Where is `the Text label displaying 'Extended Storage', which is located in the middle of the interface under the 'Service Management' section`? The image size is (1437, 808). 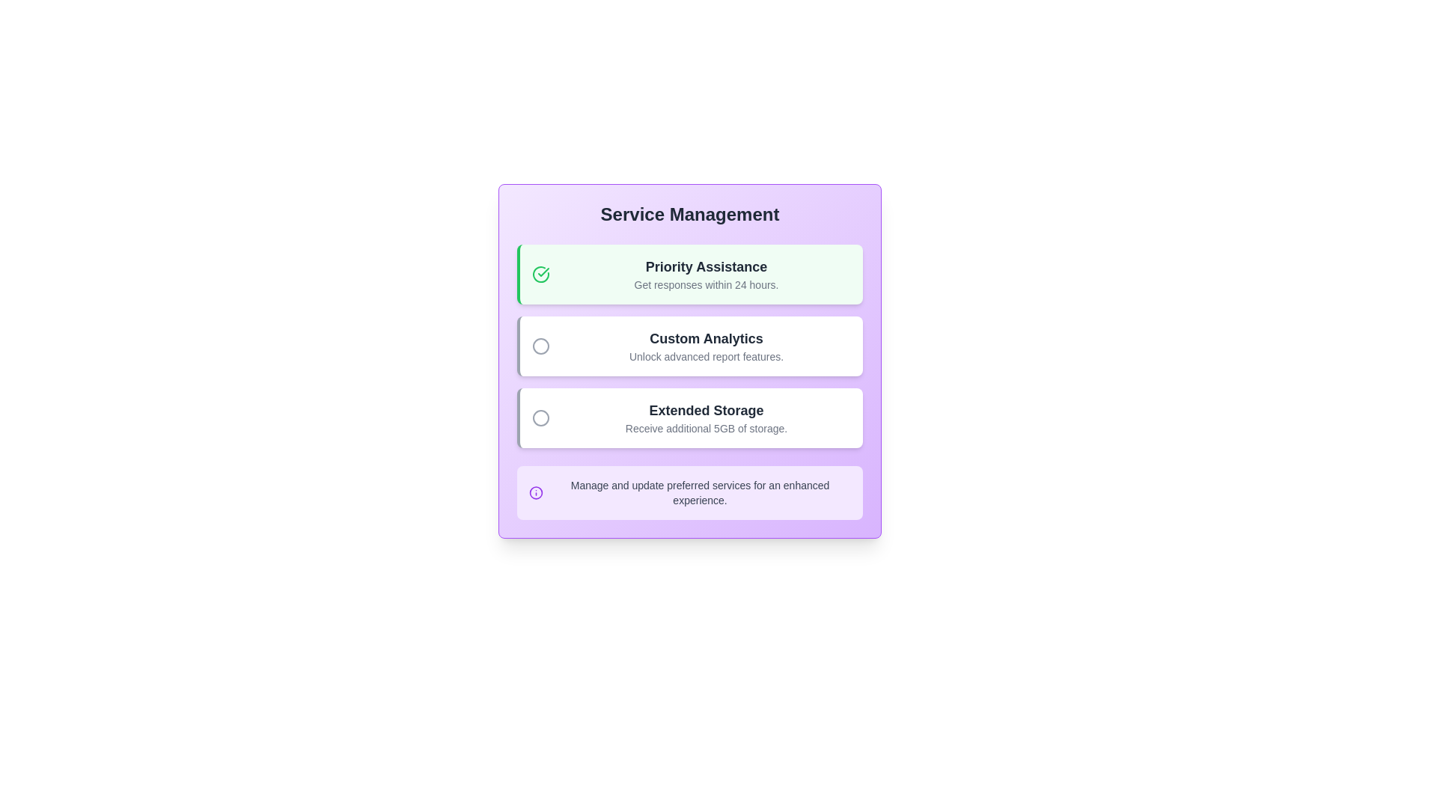
the Text label displaying 'Extended Storage', which is located in the middle of the interface under the 'Service Management' section is located at coordinates (706, 410).